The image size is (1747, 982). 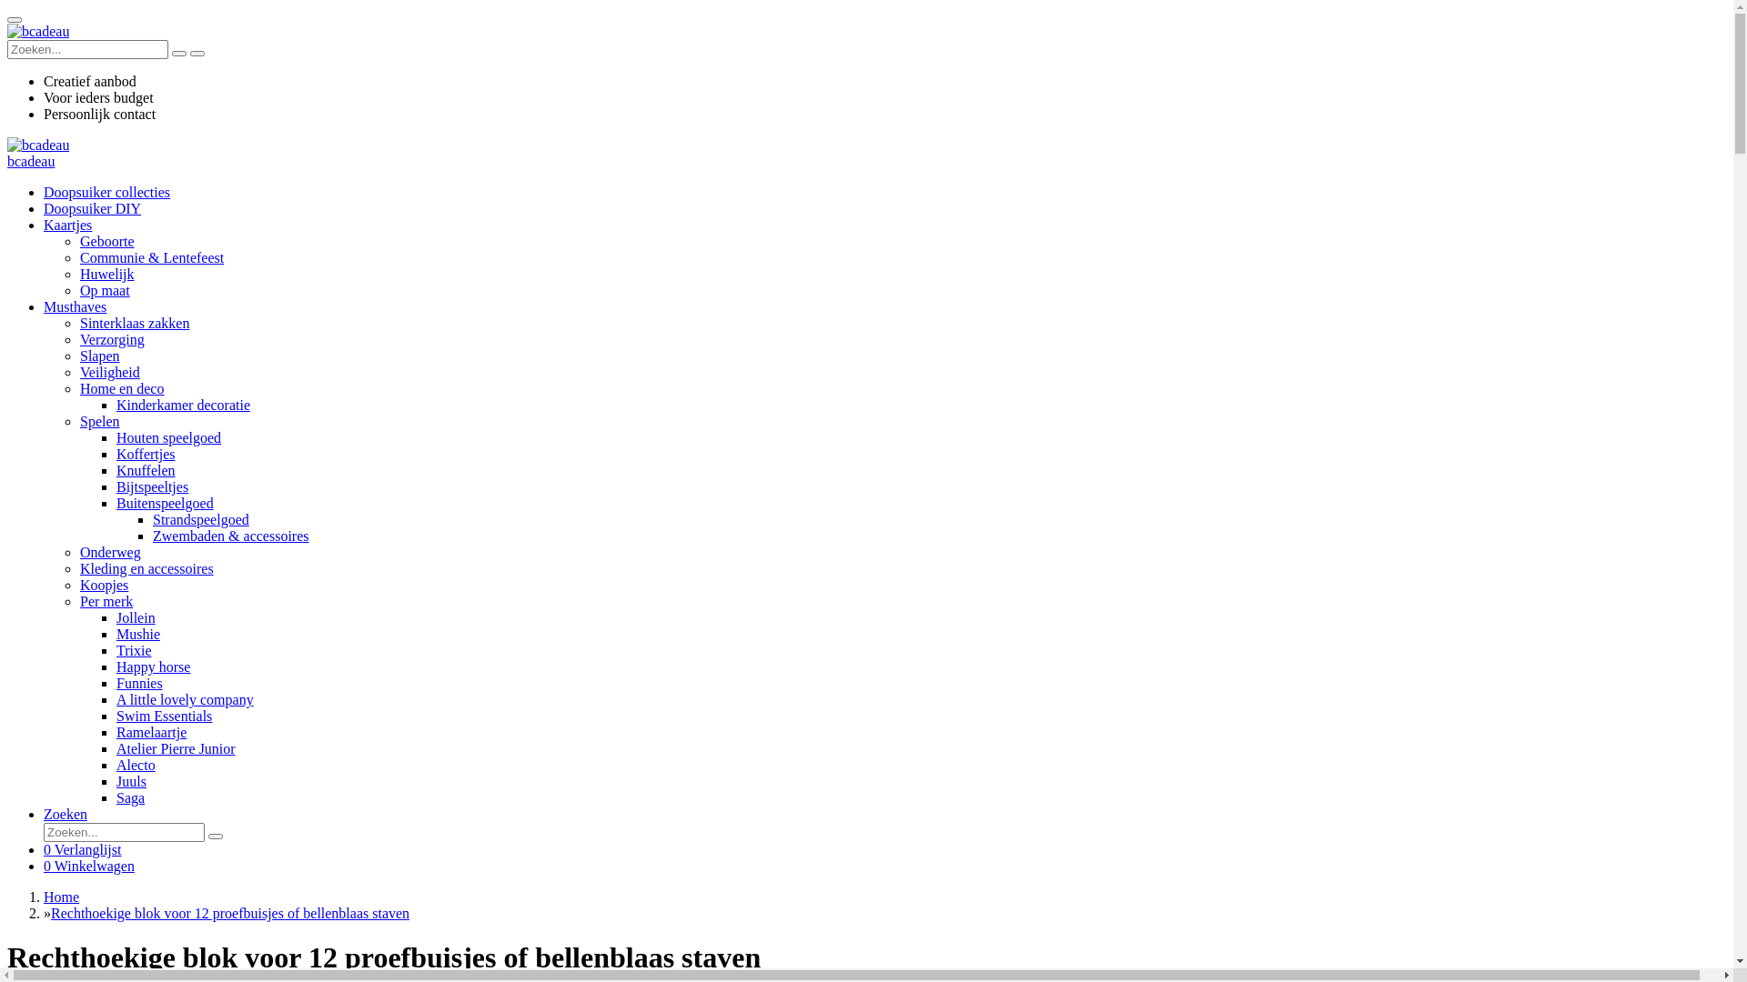 I want to click on 'Kinderkamer decoratie', so click(x=183, y=404).